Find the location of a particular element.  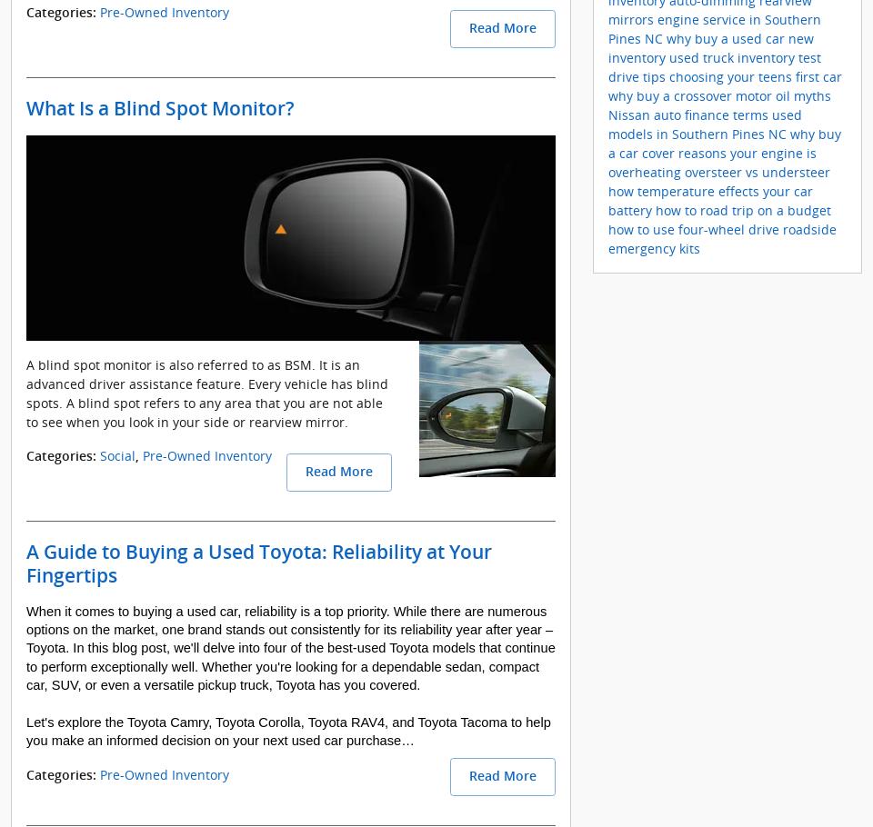

'how to use four-wheel drive' is located at coordinates (695, 228).